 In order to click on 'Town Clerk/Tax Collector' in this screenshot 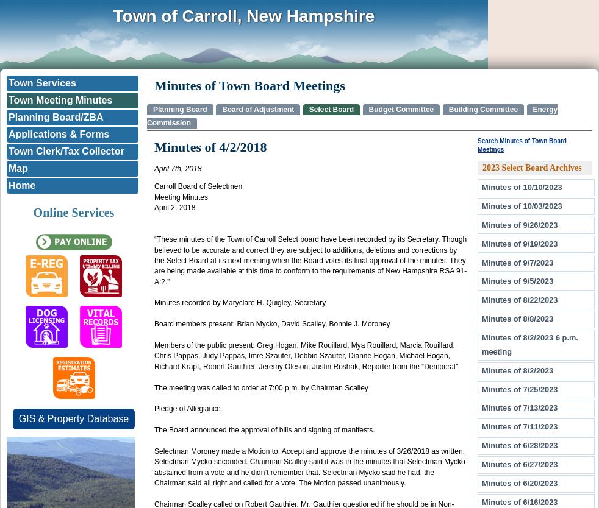, I will do `click(65, 150)`.